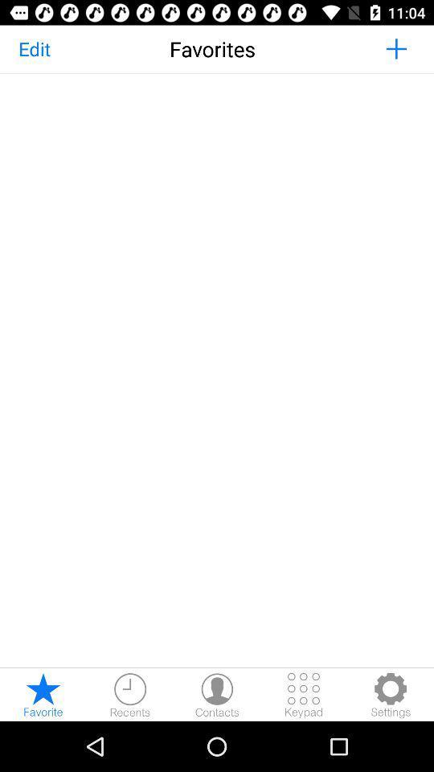  What do you see at coordinates (217, 694) in the screenshot?
I see `open contact` at bounding box center [217, 694].